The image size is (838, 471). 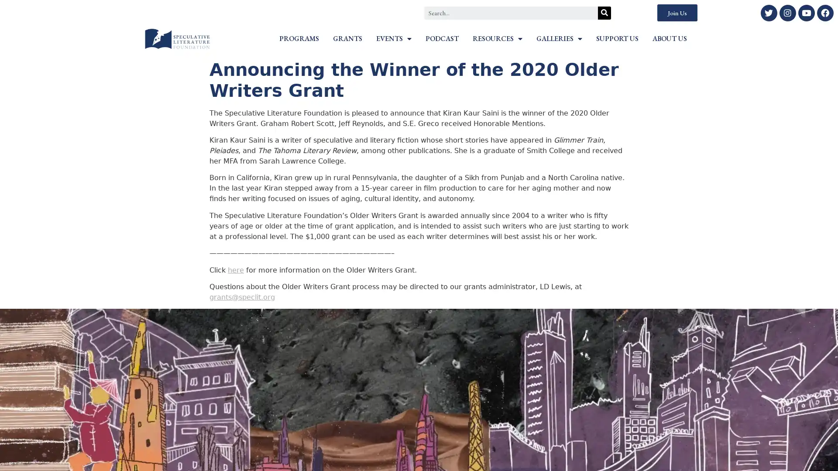 I want to click on Search, so click(x=604, y=13).